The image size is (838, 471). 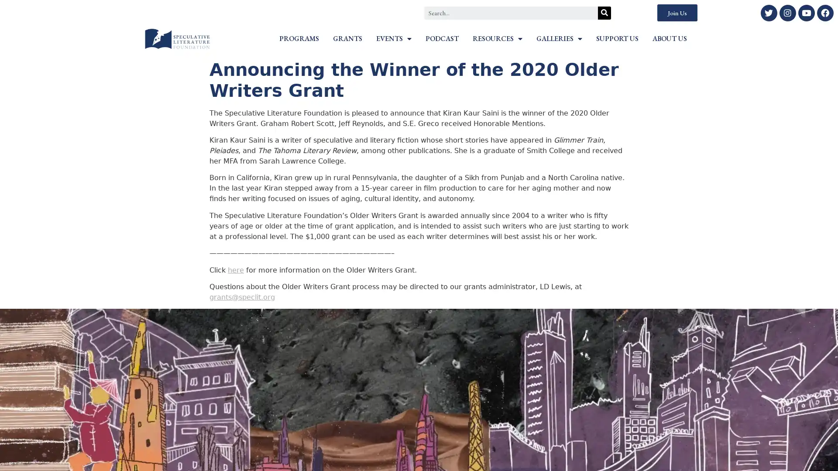 I want to click on Search, so click(x=604, y=13).